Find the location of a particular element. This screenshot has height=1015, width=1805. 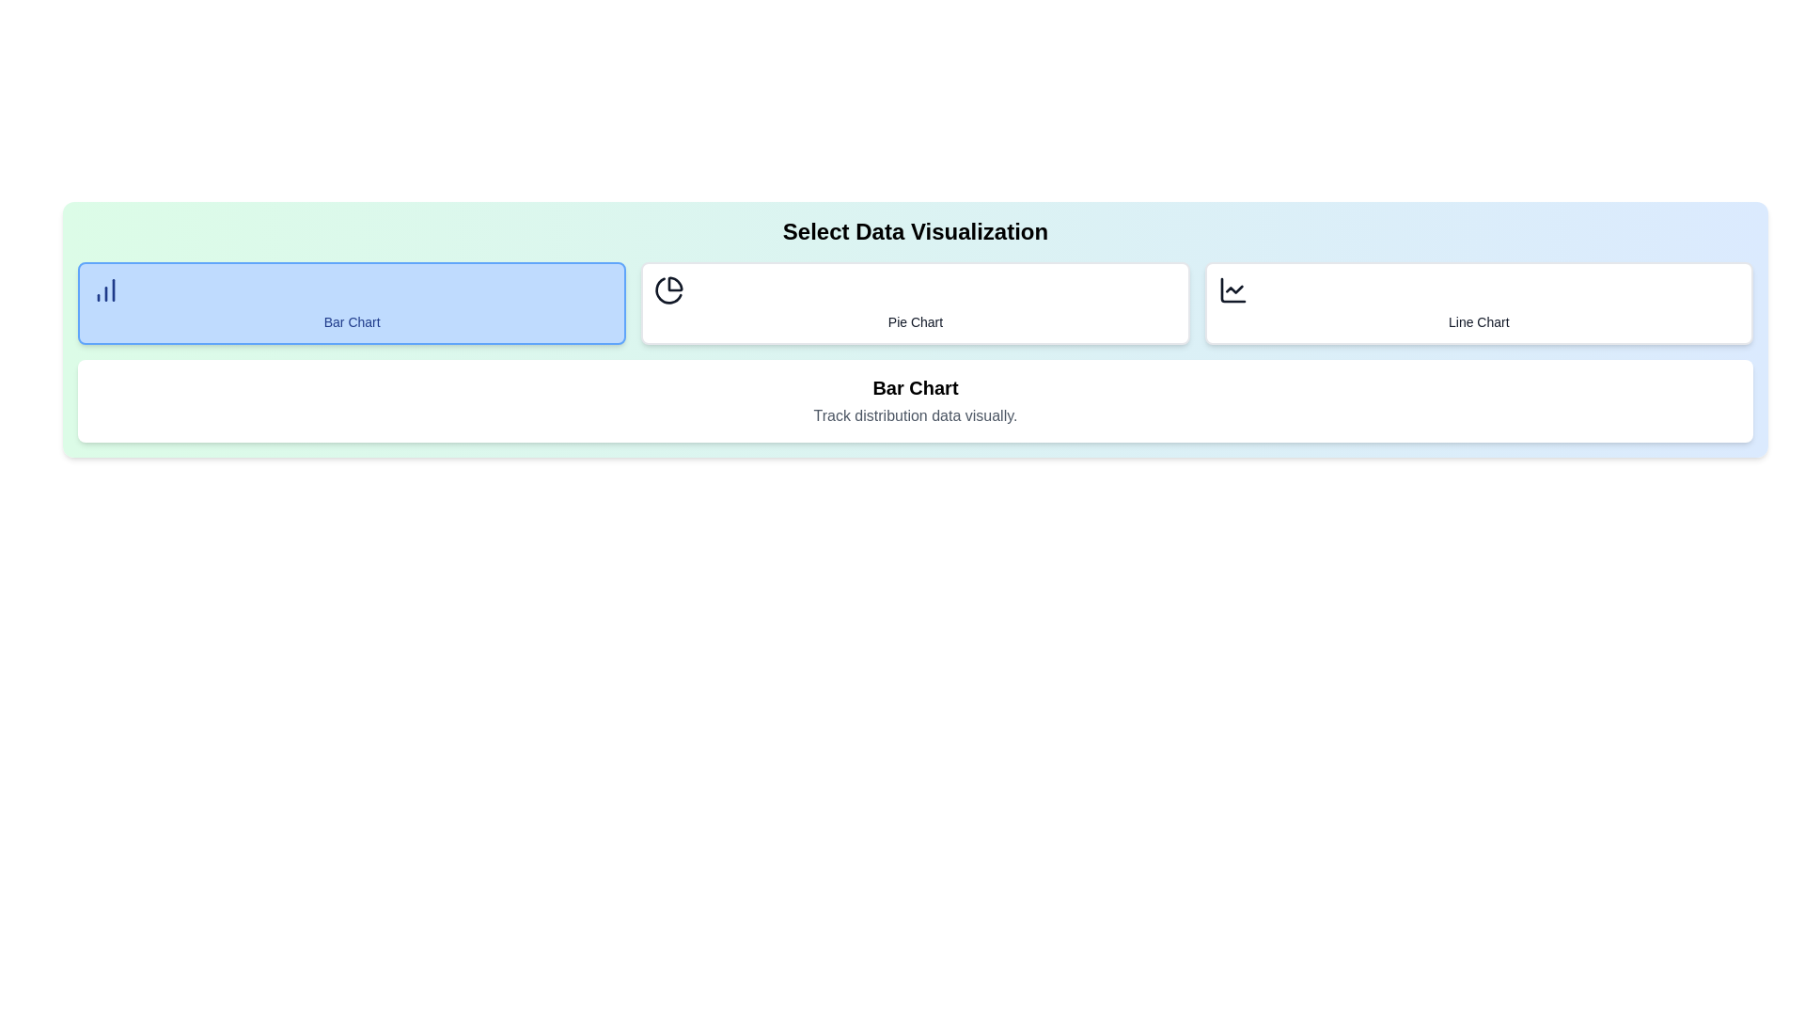

the 'Line Chart' icon located in the top portion of the interface, specifically within the third button group under the 'Select Data Visualization' section is located at coordinates (1232, 289).